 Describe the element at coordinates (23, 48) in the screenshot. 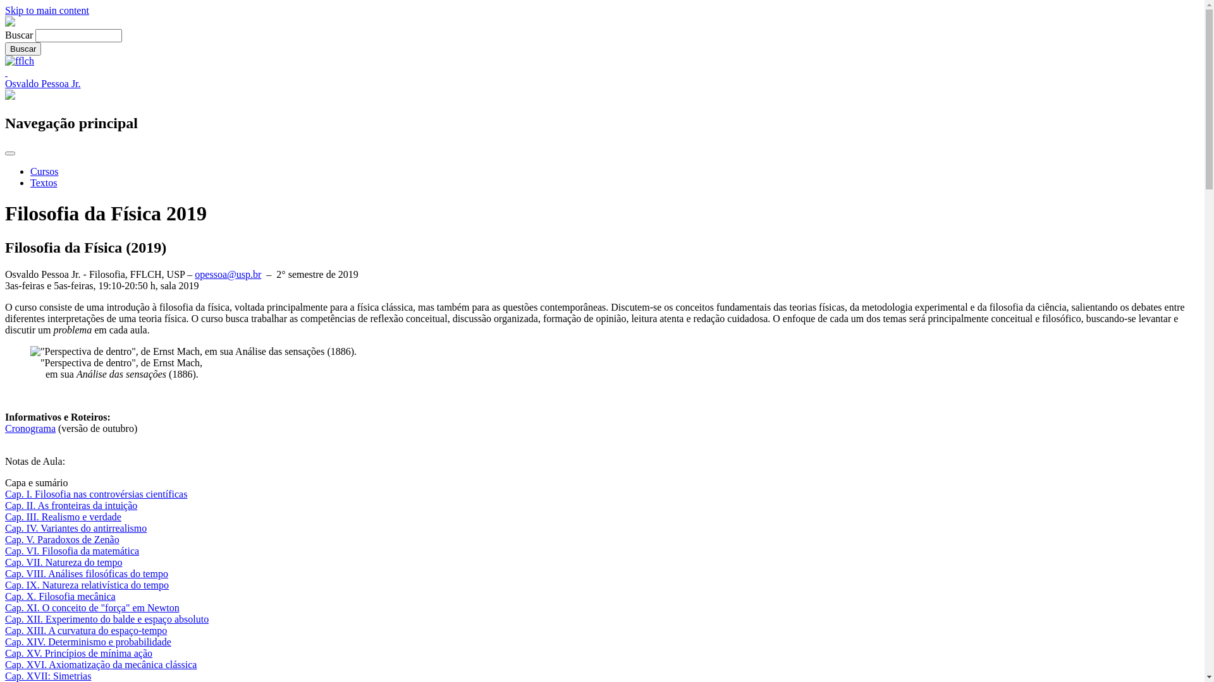

I see `'Buscar'` at that location.